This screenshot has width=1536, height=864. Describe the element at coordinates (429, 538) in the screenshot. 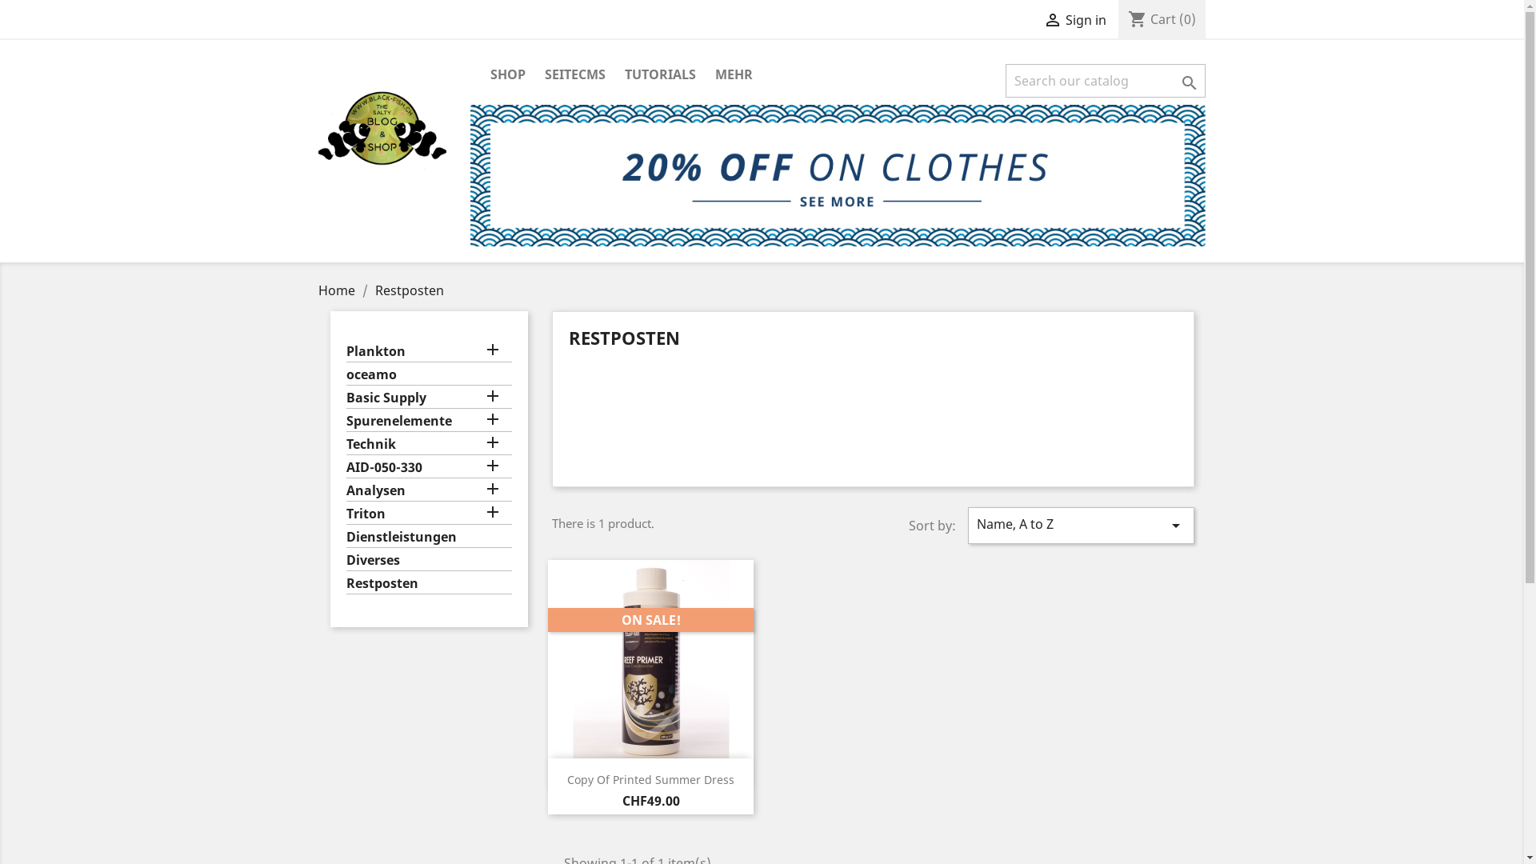

I see `'Dienstleistungen'` at that location.